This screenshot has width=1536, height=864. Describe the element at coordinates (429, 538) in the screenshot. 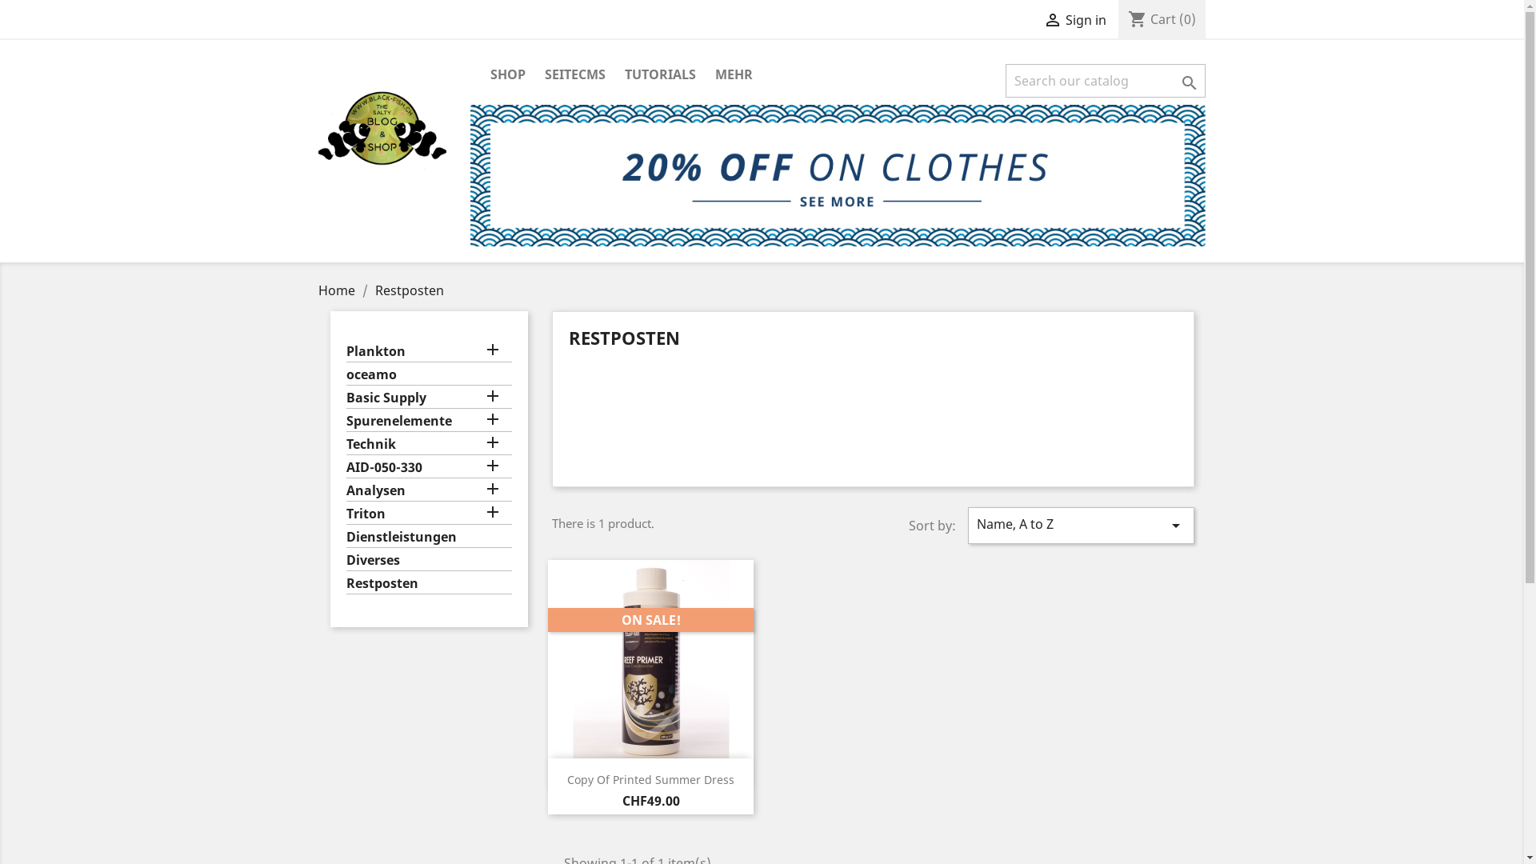

I see `'Dienstleistungen'` at that location.